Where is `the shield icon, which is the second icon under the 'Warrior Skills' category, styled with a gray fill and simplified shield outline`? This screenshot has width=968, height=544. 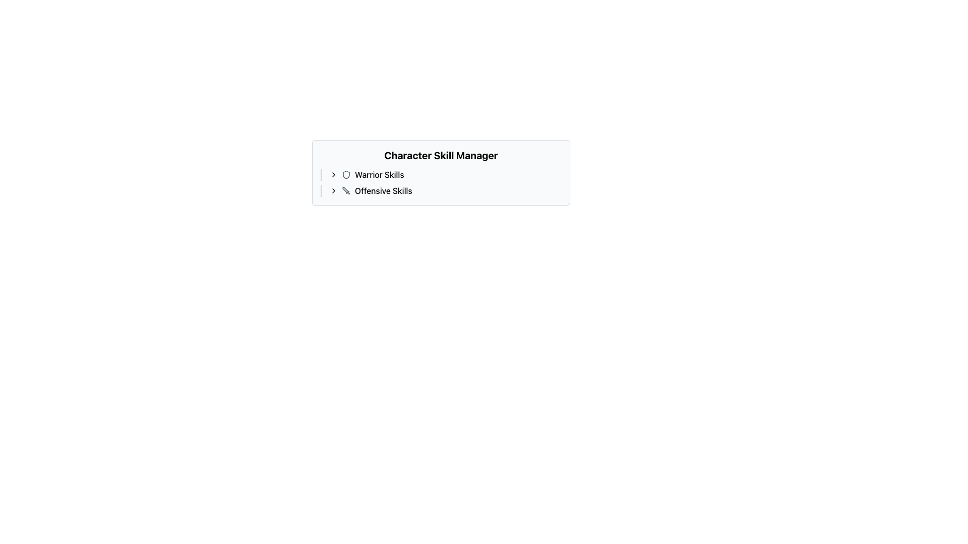 the shield icon, which is the second icon under the 'Warrior Skills' category, styled with a gray fill and simplified shield outline is located at coordinates (346, 174).